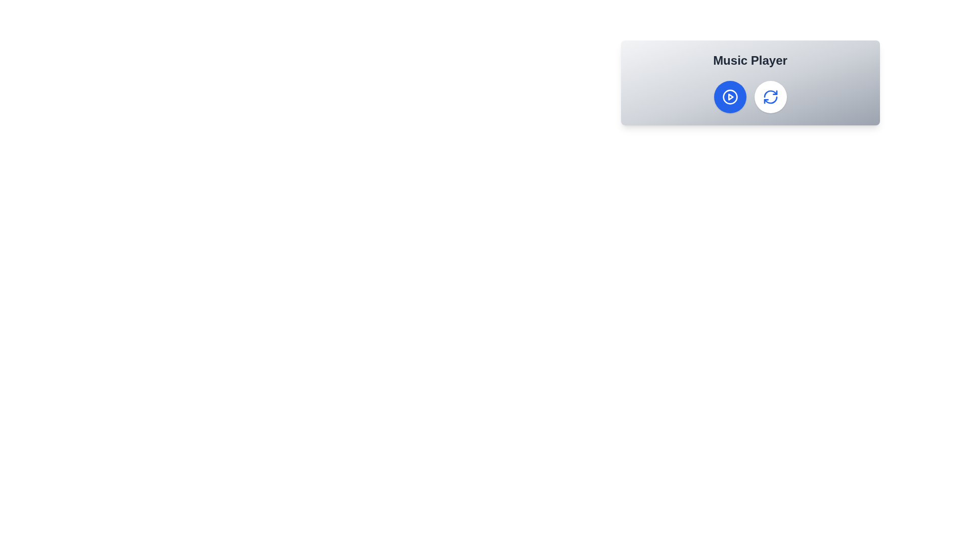  I want to click on the play button located in the top-right toolbar to initiate playing an audio or video file, so click(730, 97).